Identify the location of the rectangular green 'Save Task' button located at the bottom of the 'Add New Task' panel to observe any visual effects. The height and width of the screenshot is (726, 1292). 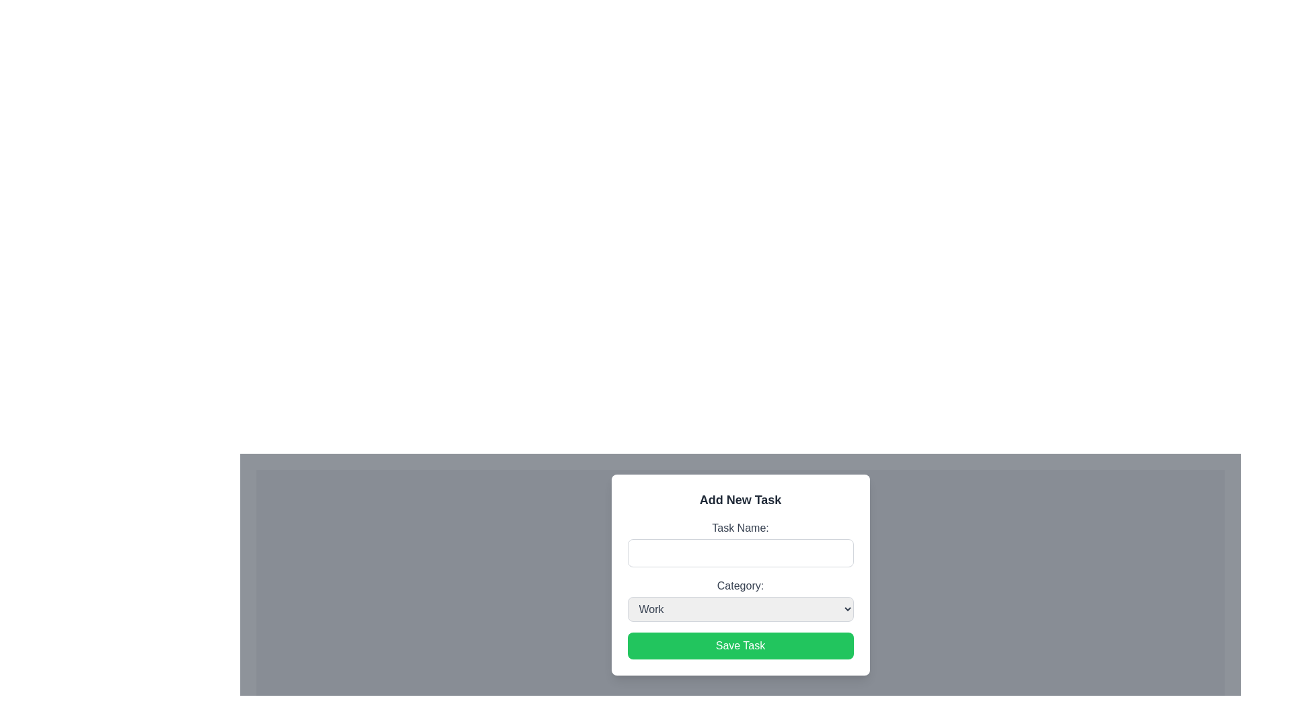
(740, 645).